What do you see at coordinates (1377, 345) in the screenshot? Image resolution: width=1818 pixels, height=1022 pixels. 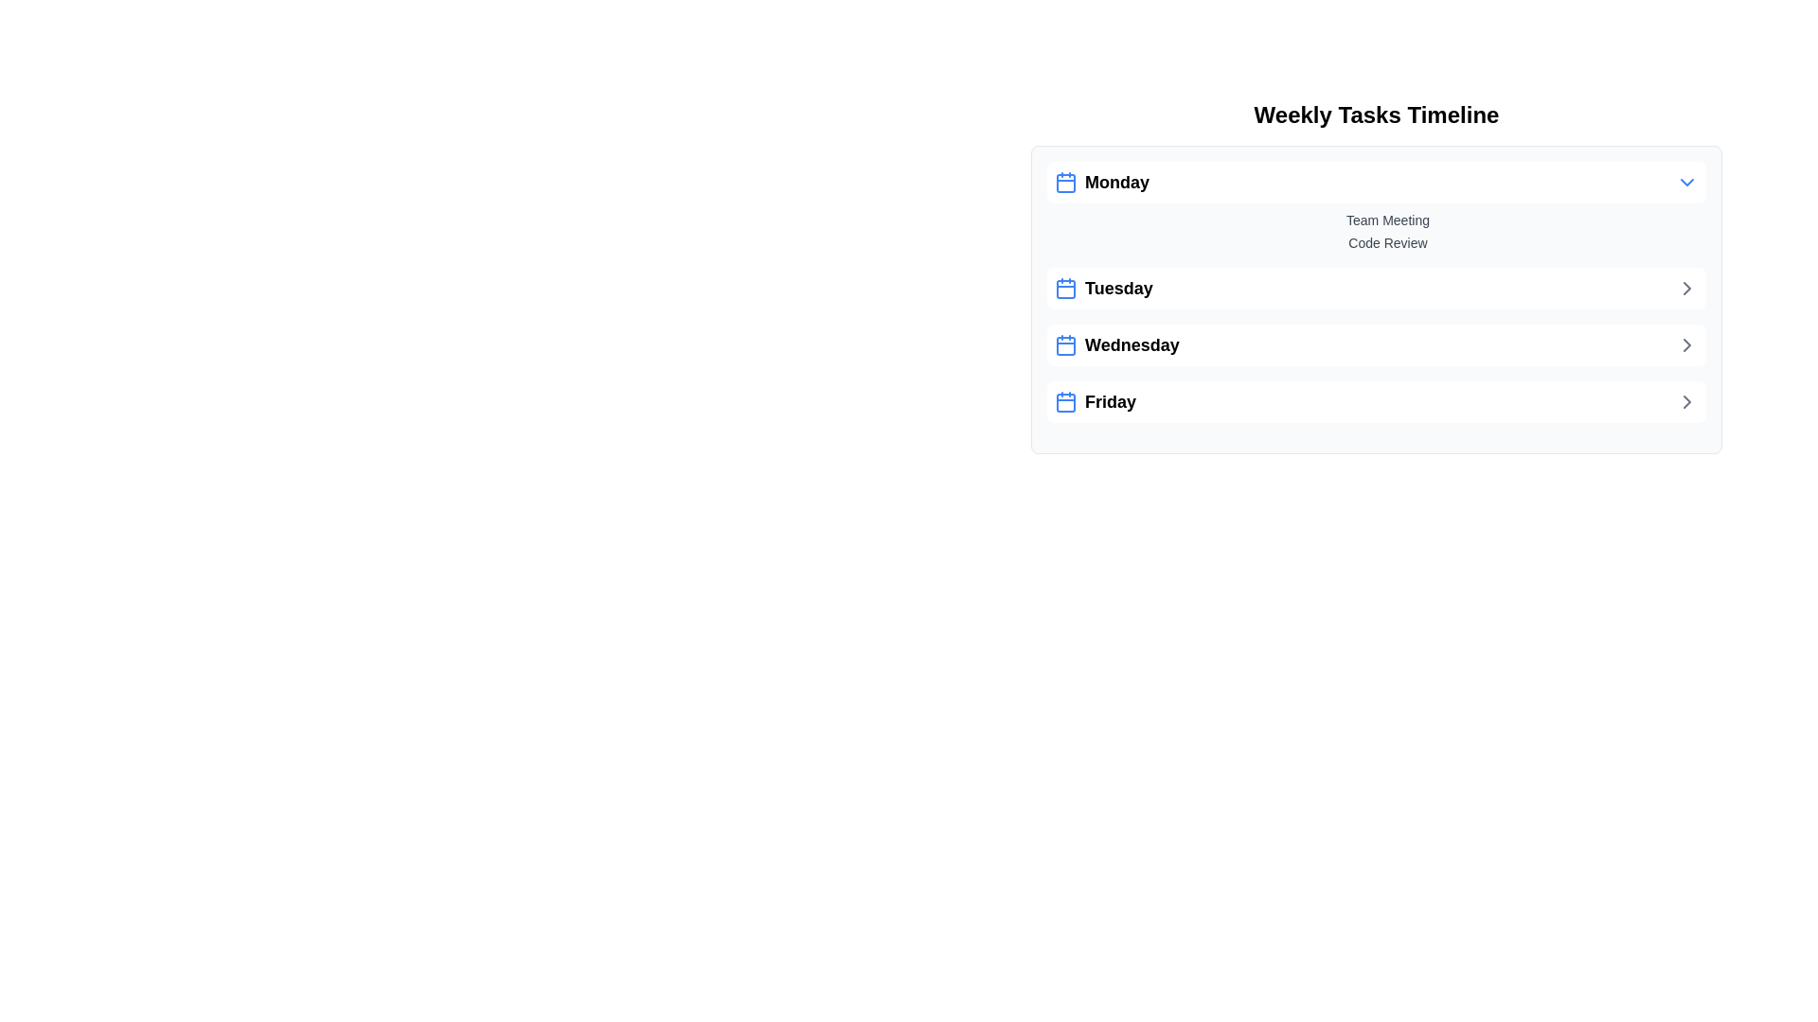 I see `the list item representing 'Wednesday'` at bounding box center [1377, 345].